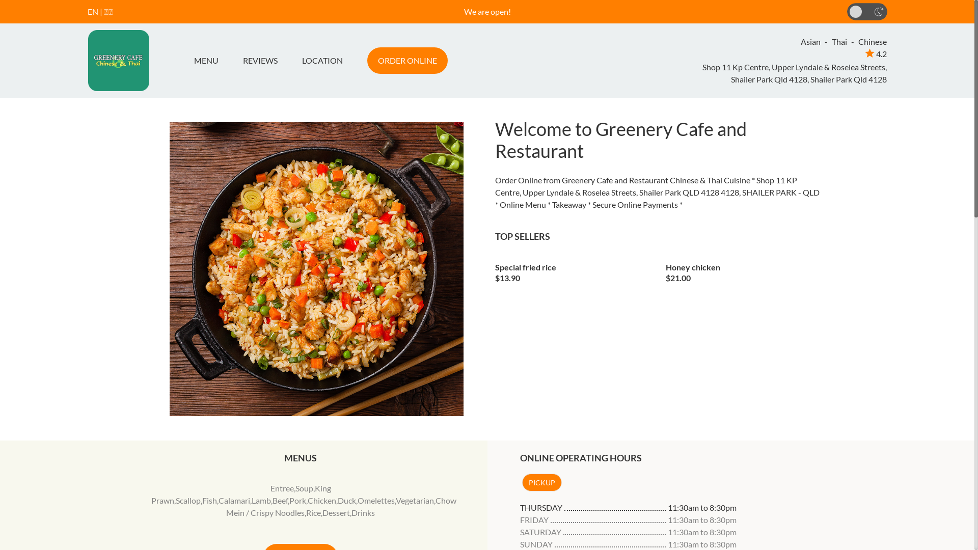  I want to click on 'MENU', so click(189, 61).